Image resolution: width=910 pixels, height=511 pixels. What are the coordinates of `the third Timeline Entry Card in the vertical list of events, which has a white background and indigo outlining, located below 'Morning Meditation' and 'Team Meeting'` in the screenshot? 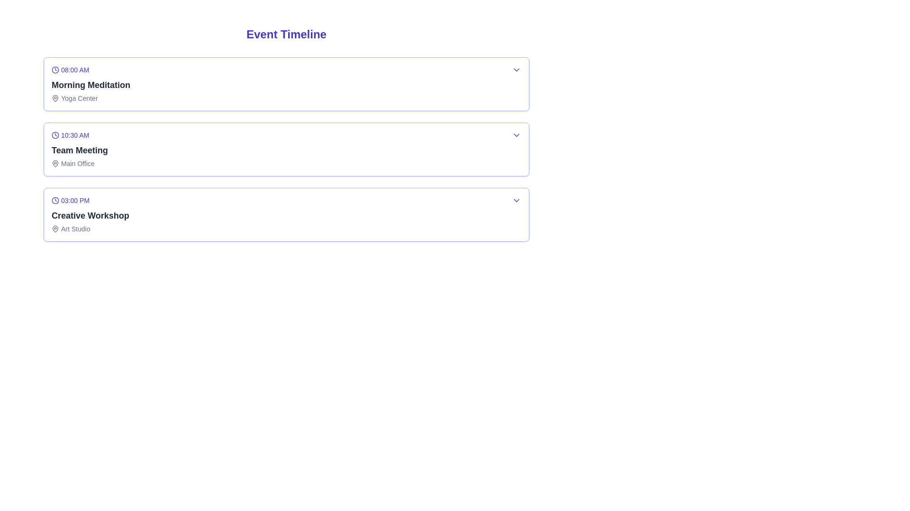 It's located at (286, 215).